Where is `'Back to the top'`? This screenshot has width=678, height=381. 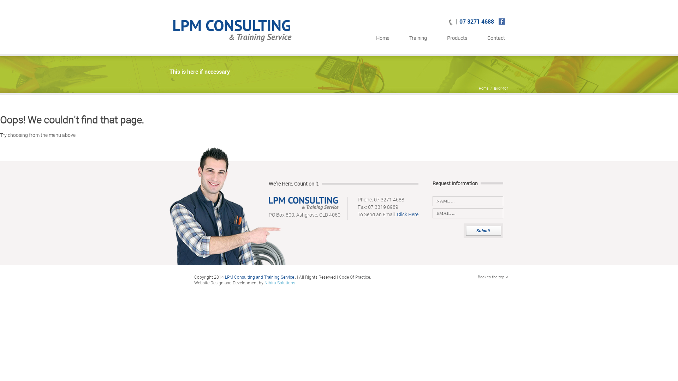 'Back to the top' is located at coordinates (493, 276).